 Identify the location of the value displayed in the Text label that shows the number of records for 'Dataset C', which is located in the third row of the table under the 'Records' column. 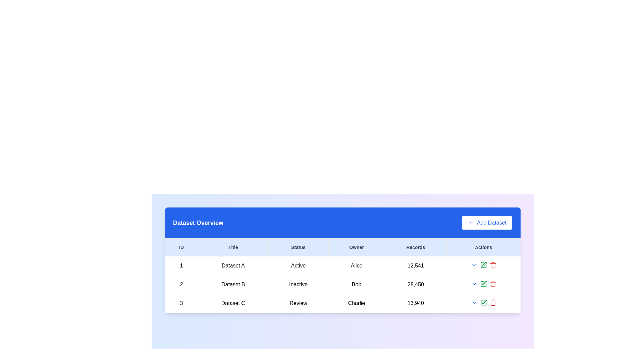
(415, 303).